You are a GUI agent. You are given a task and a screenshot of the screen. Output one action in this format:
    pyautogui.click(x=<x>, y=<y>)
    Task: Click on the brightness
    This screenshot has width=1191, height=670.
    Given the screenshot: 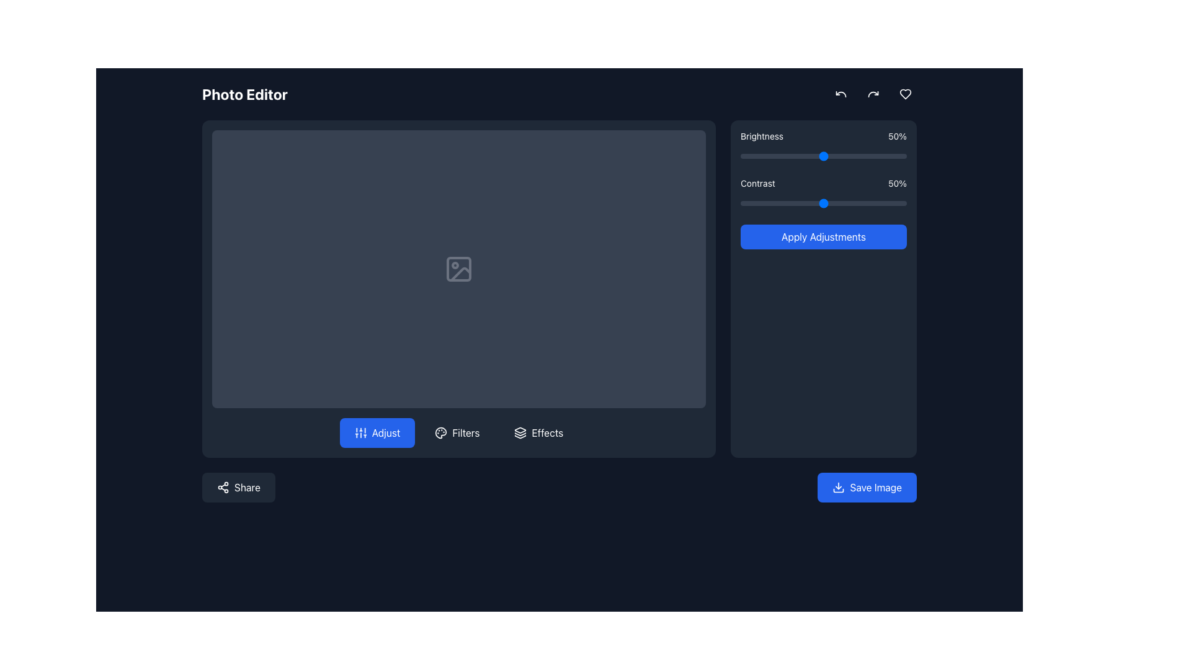 What is the action you would take?
    pyautogui.click(x=854, y=155)
    